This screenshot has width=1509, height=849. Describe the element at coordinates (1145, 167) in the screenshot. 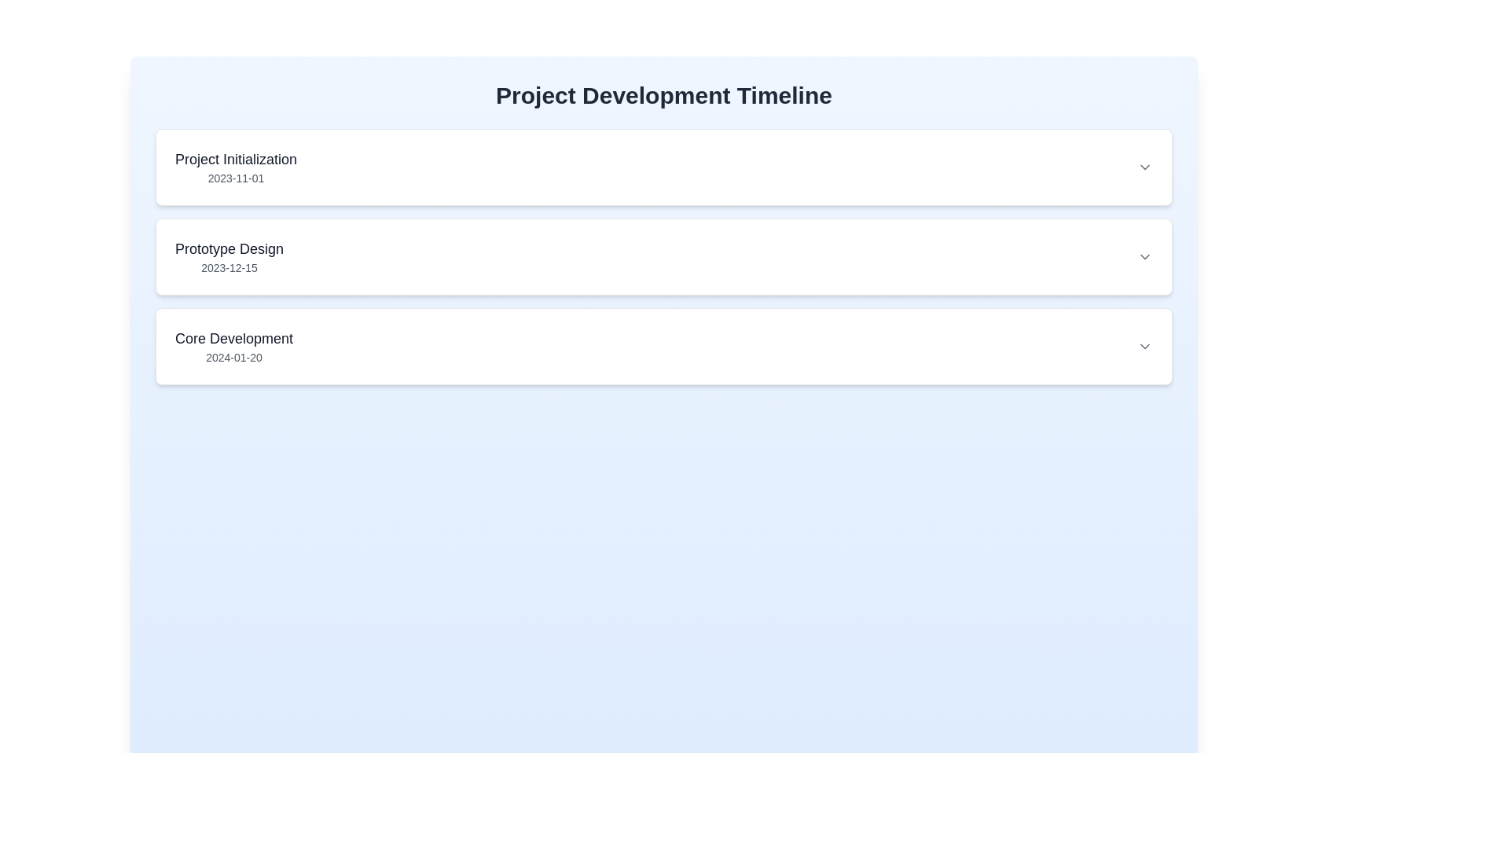

I see `the small downward-pointing chevron icon at the far-right end of the 'Project Initialization' section` at that location.